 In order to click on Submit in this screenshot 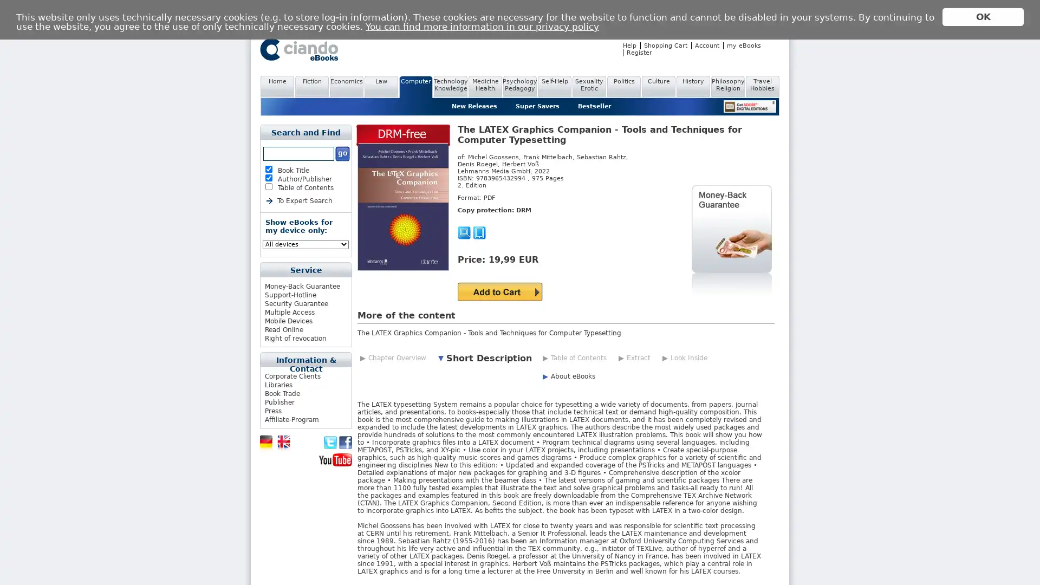, I will do `click(342, 154)`.